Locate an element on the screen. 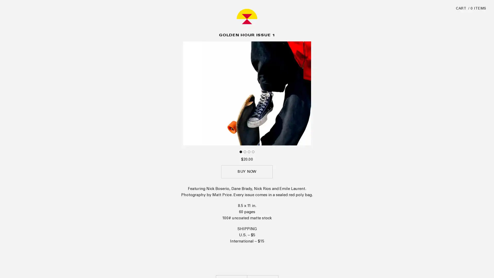 The height and width of the screenshot is (278, 494). BUY NOW is located at coordinates (247, 165).